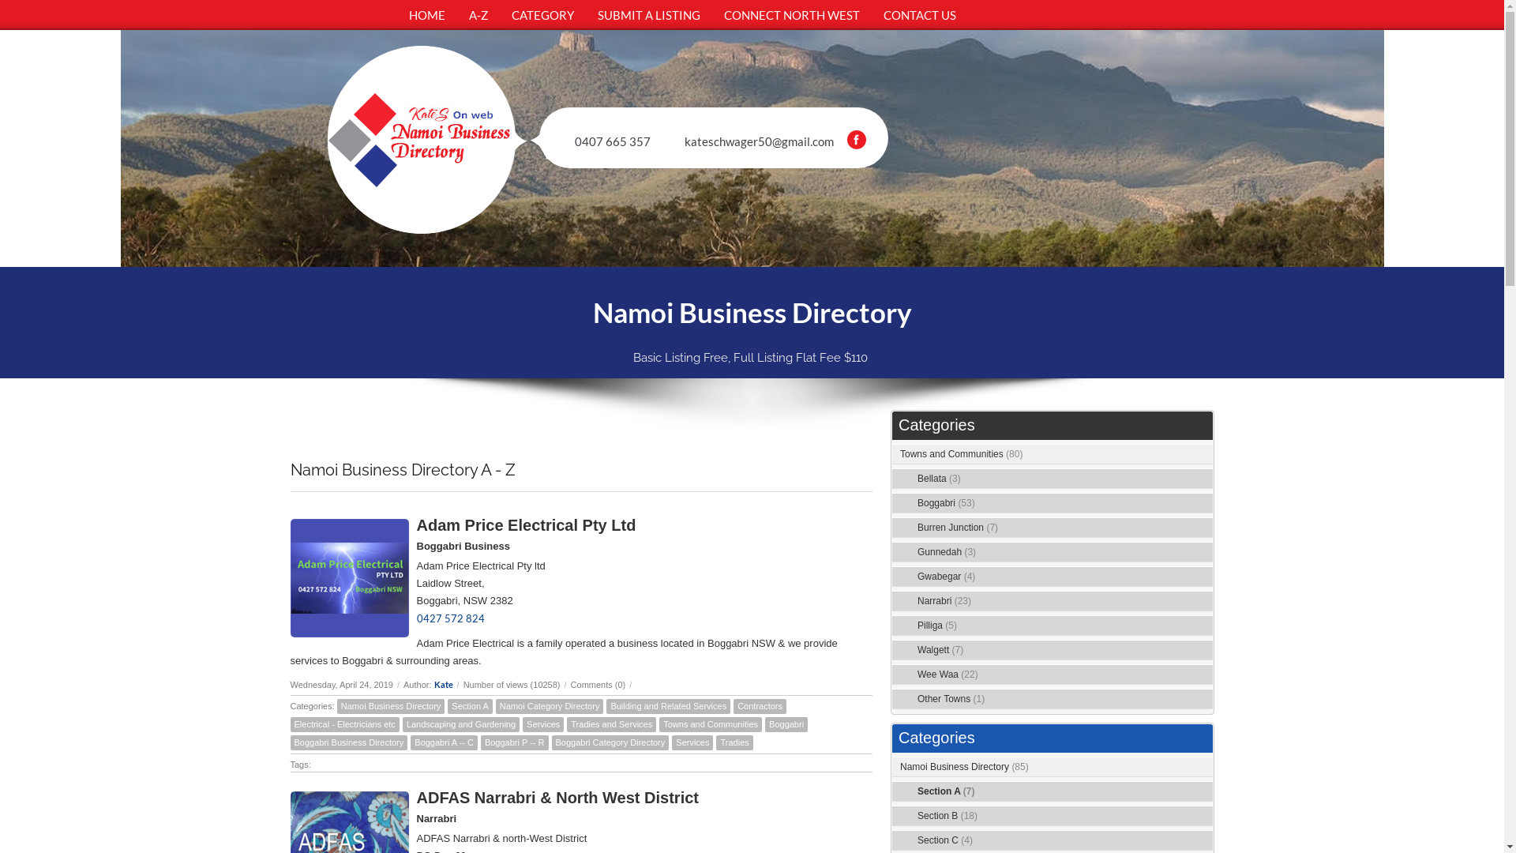 Image resolution: width=1516 pixels, height=853 pixels. What do you see at coordinates (542, 724) in the screenshot?
I see `'Services'` at bounding box center [542, 724].